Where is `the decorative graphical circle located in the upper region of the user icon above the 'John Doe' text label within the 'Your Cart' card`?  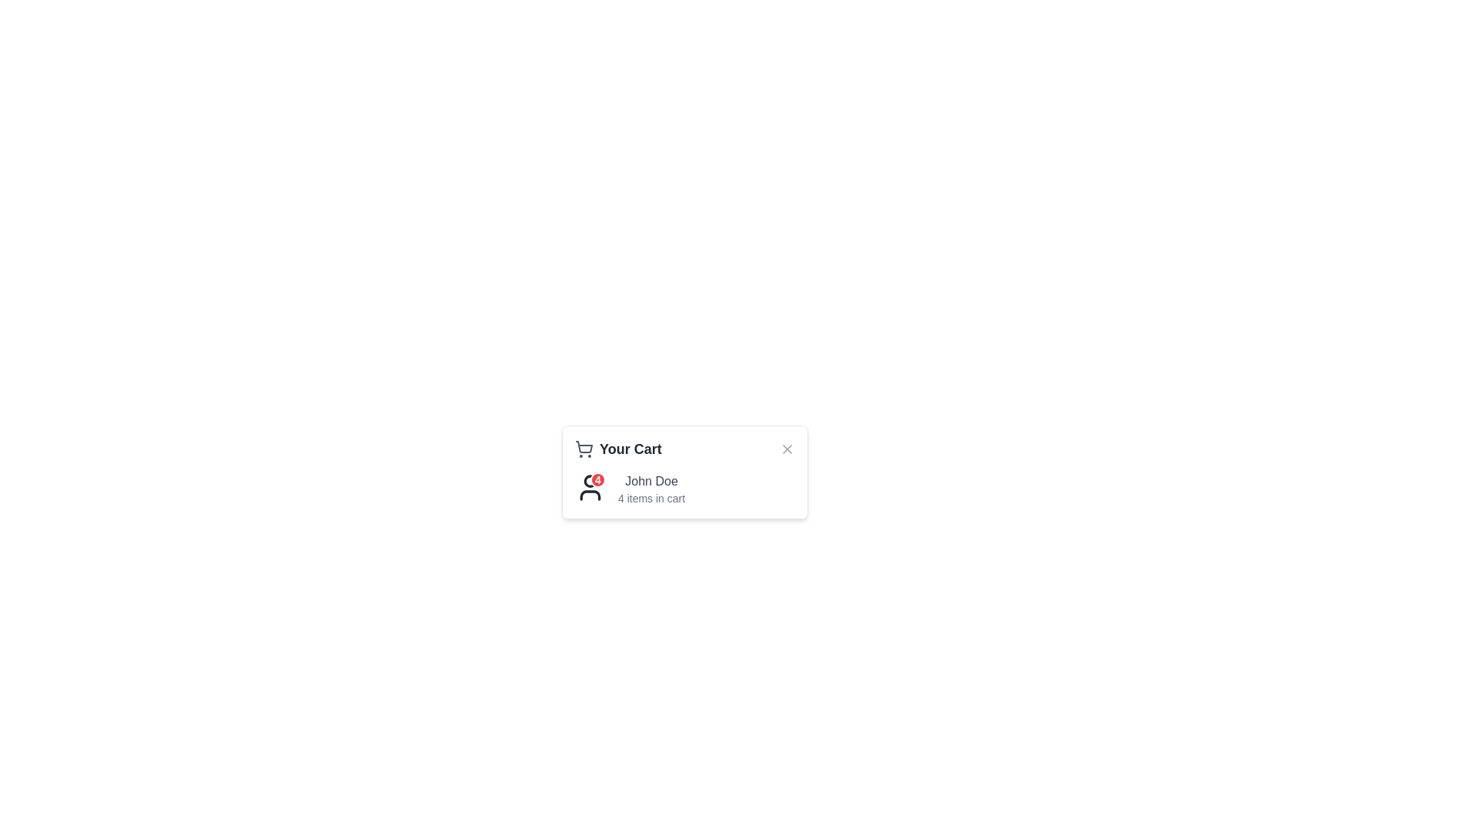 the decorative graphical circle located in the upper region of the user icon above the 'John Doe' text label within the 'Your Cart' card is located at coordinates (590, 479).